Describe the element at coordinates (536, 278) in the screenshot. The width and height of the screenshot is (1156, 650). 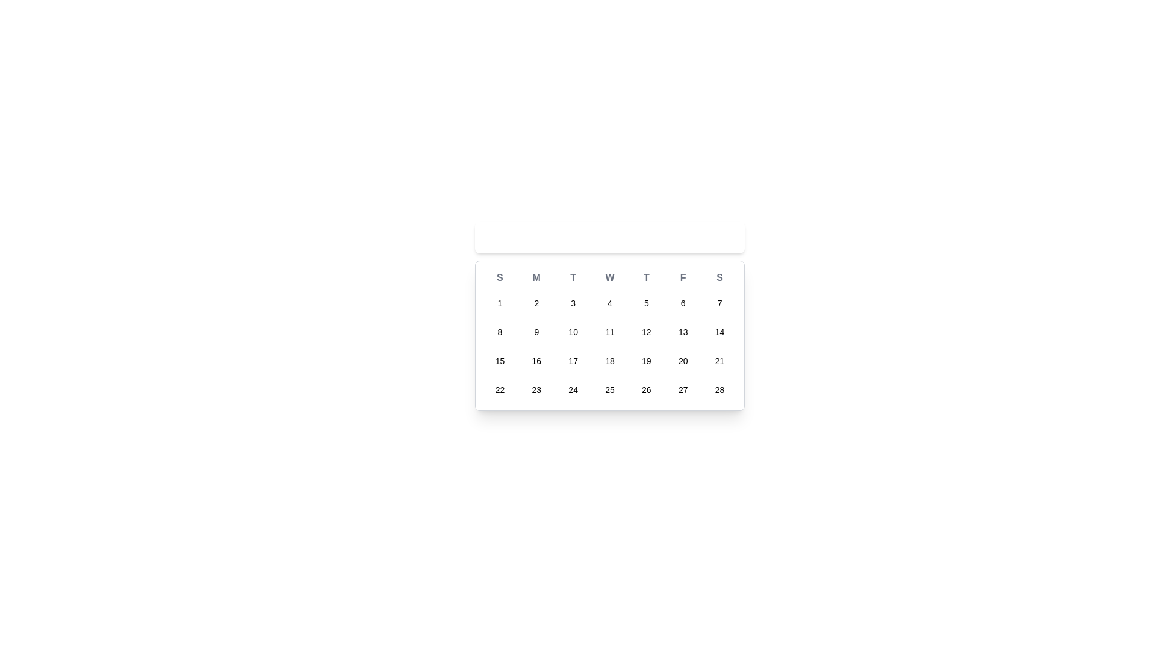
I see `the static text element indicating 'M' for Monday in the calendar representation, which is positioned directly to the right of 'S'` at that location.